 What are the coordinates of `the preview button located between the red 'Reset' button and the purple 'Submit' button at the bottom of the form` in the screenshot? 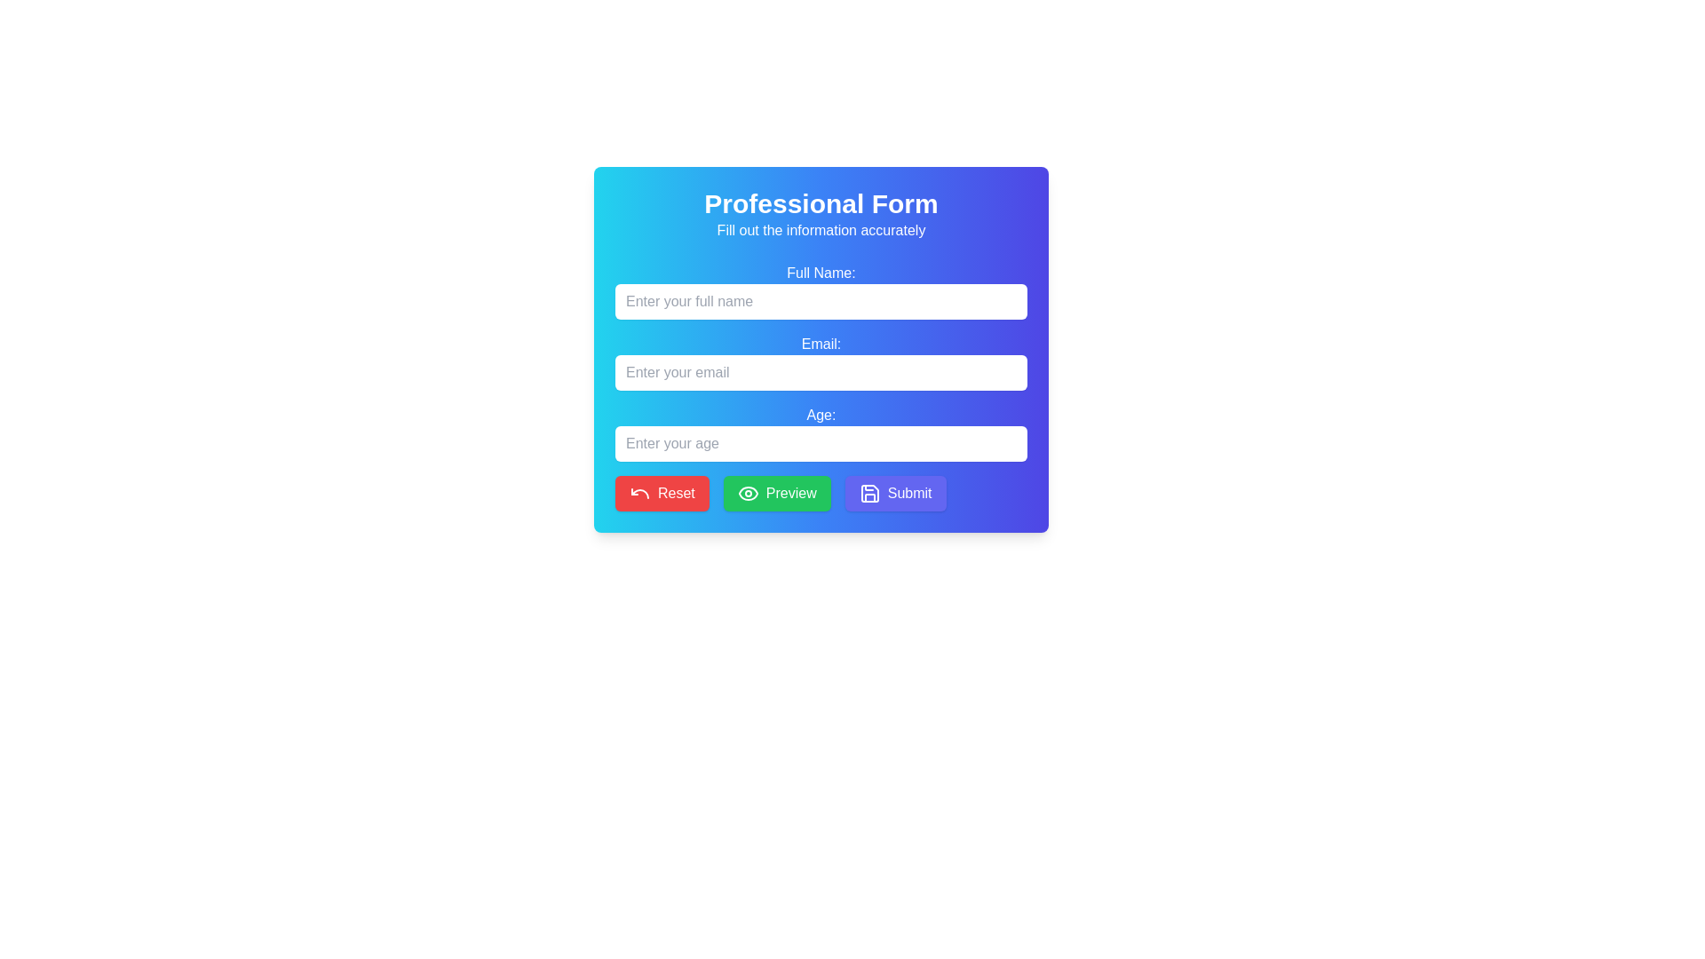 It's located at (777, 493).